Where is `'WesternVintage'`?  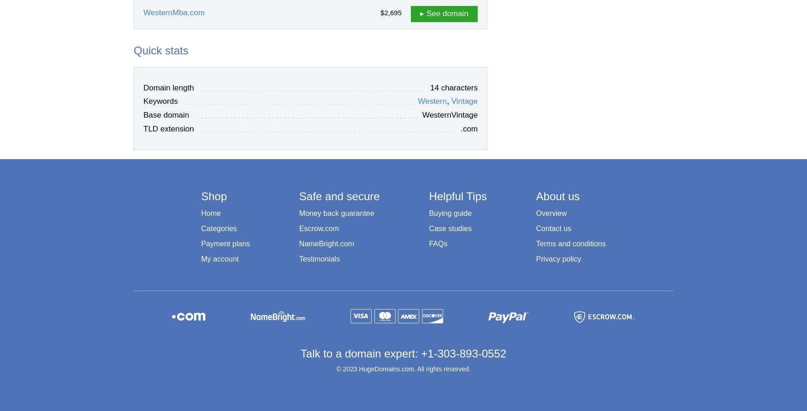 'WesternVintage' is located at coordinates (450, 115).